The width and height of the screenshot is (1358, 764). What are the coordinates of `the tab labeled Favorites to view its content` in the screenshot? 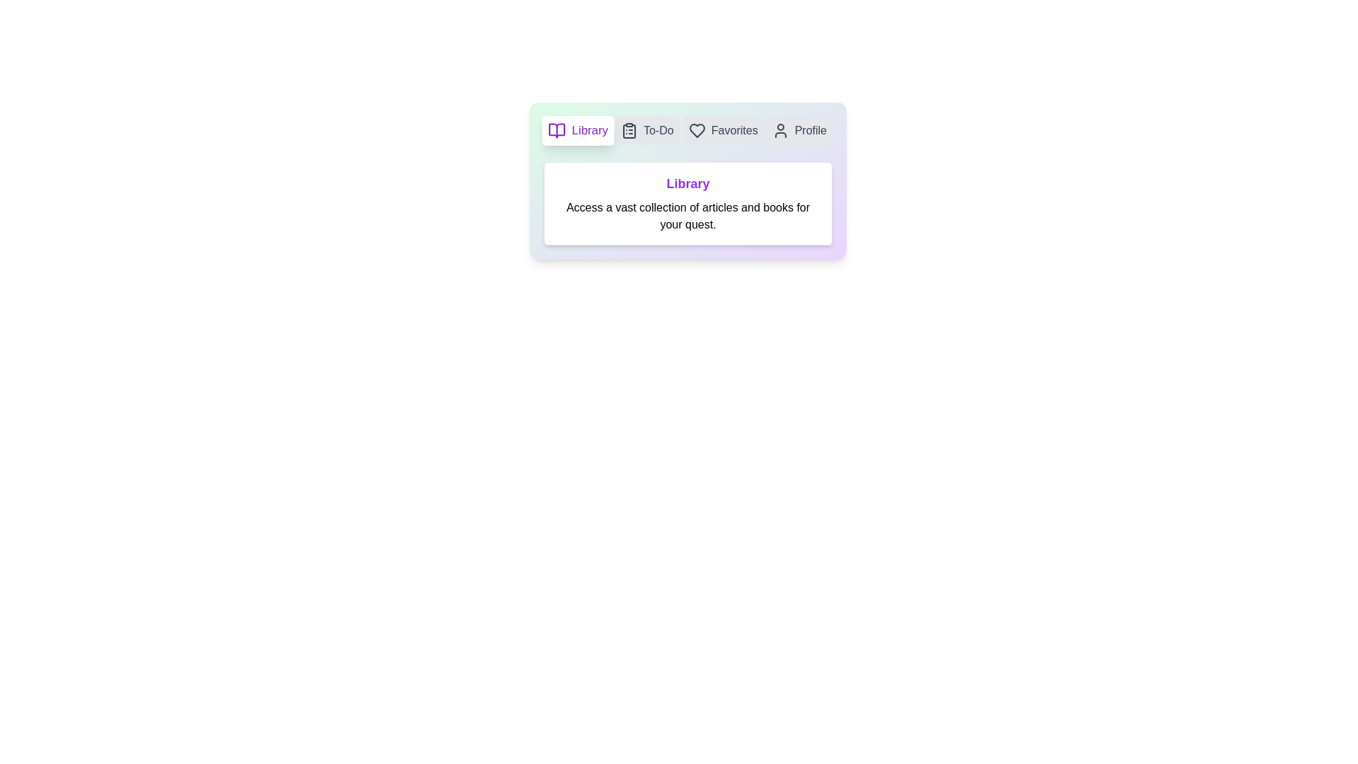 It's located at (723, 131).